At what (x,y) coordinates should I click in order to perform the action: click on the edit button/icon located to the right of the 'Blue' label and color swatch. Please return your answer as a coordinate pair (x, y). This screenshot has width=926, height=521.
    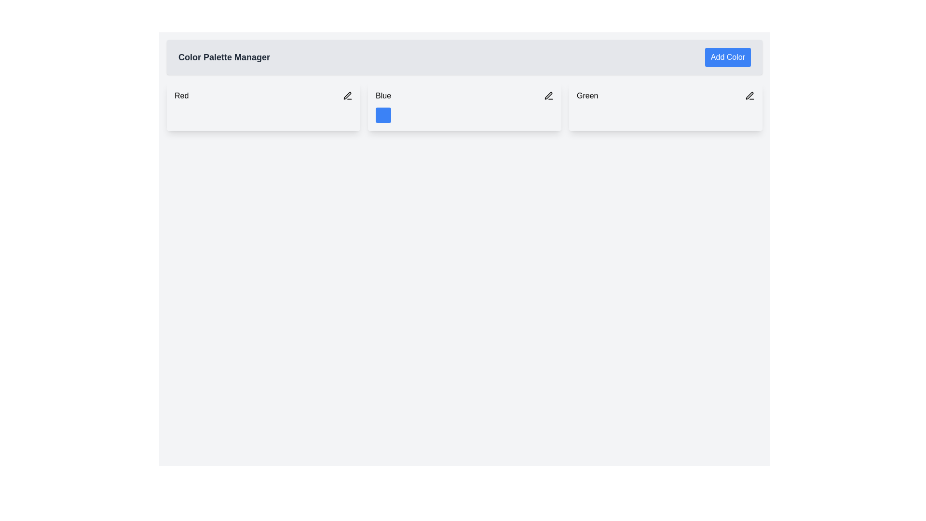
    Looking at the image, I should click on (548, 96).